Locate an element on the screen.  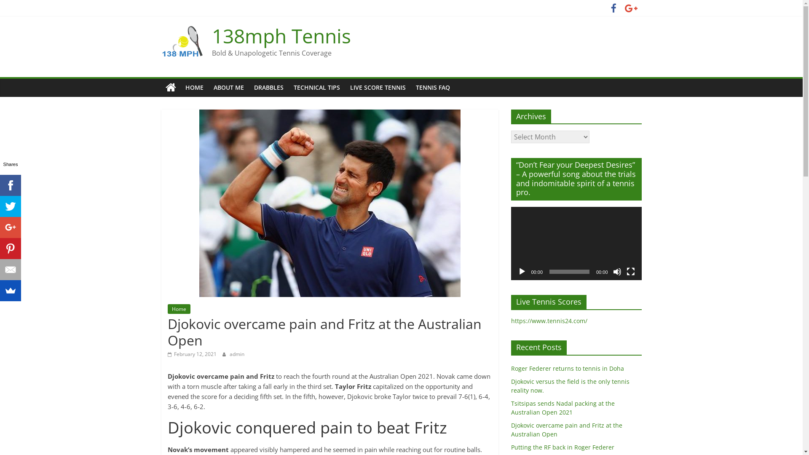
'Djokovic overcame pain and Fritz at the Australian Open' is located at coordinates (566, 429).